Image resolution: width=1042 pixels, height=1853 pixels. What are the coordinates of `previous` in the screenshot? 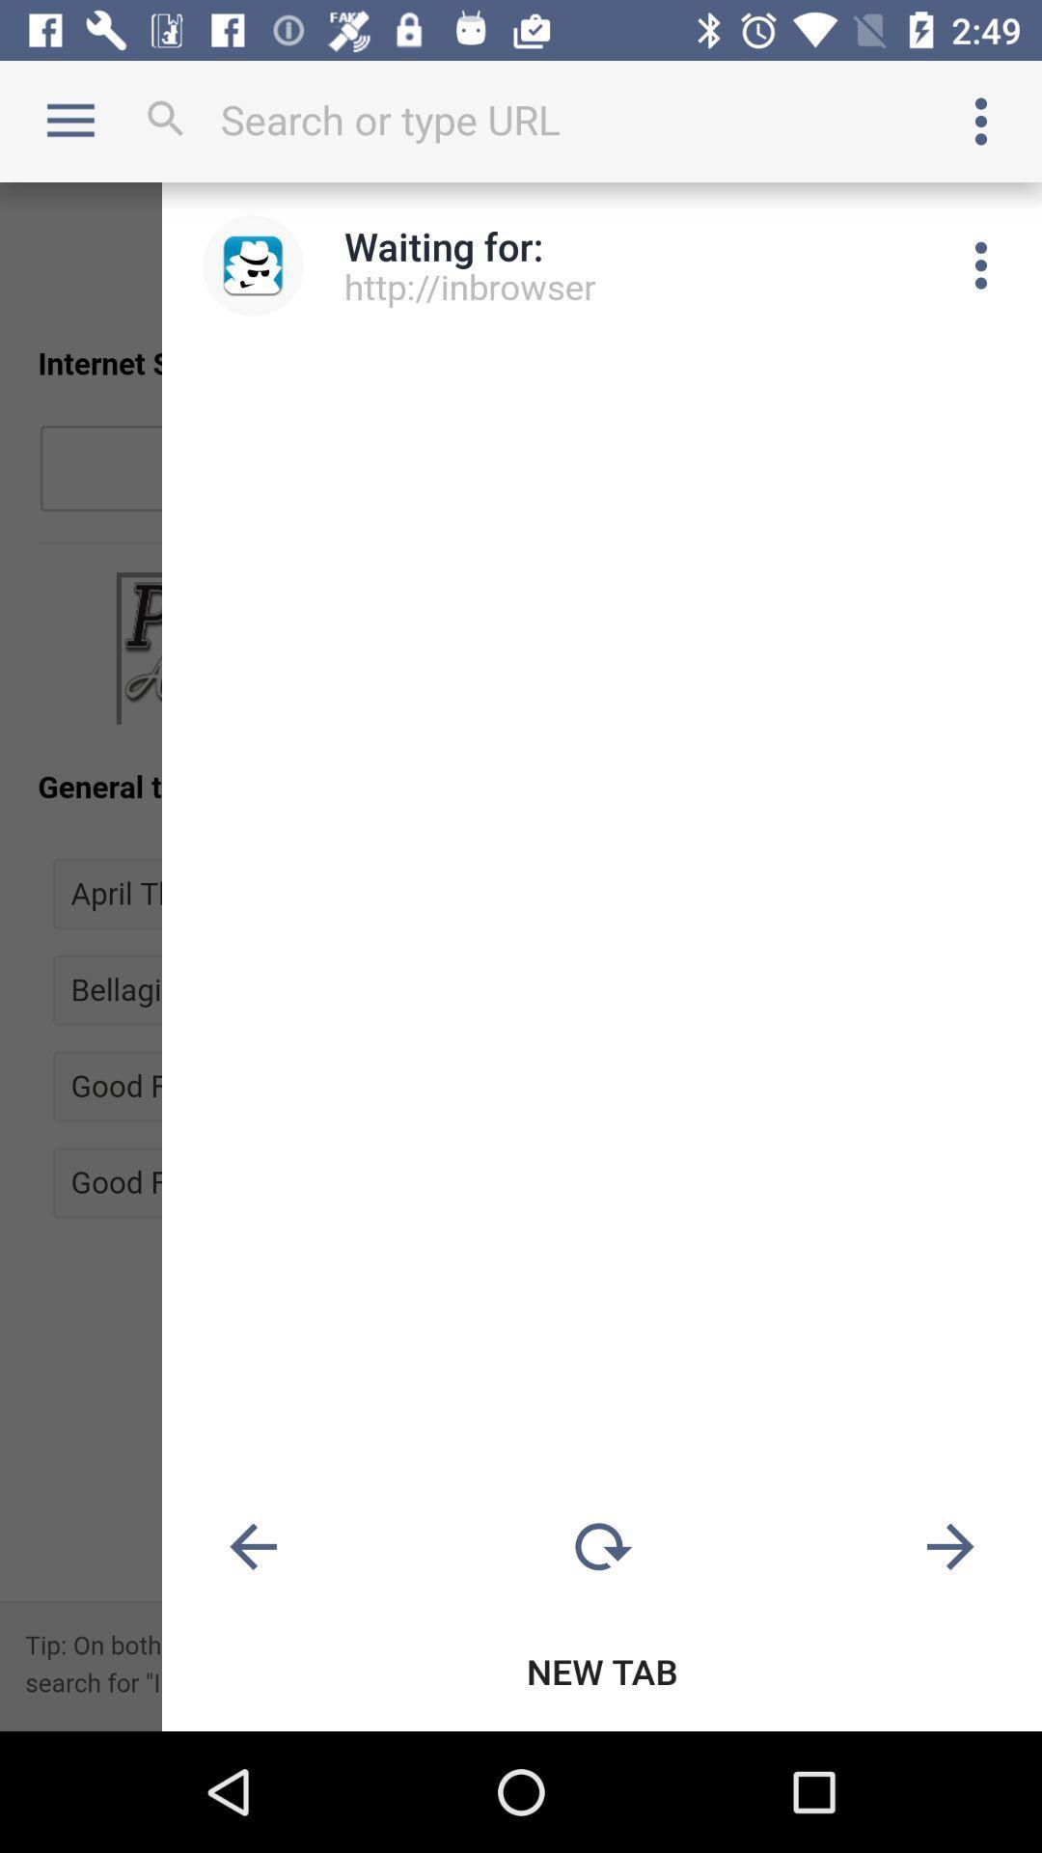 It's located at (252, 1547).